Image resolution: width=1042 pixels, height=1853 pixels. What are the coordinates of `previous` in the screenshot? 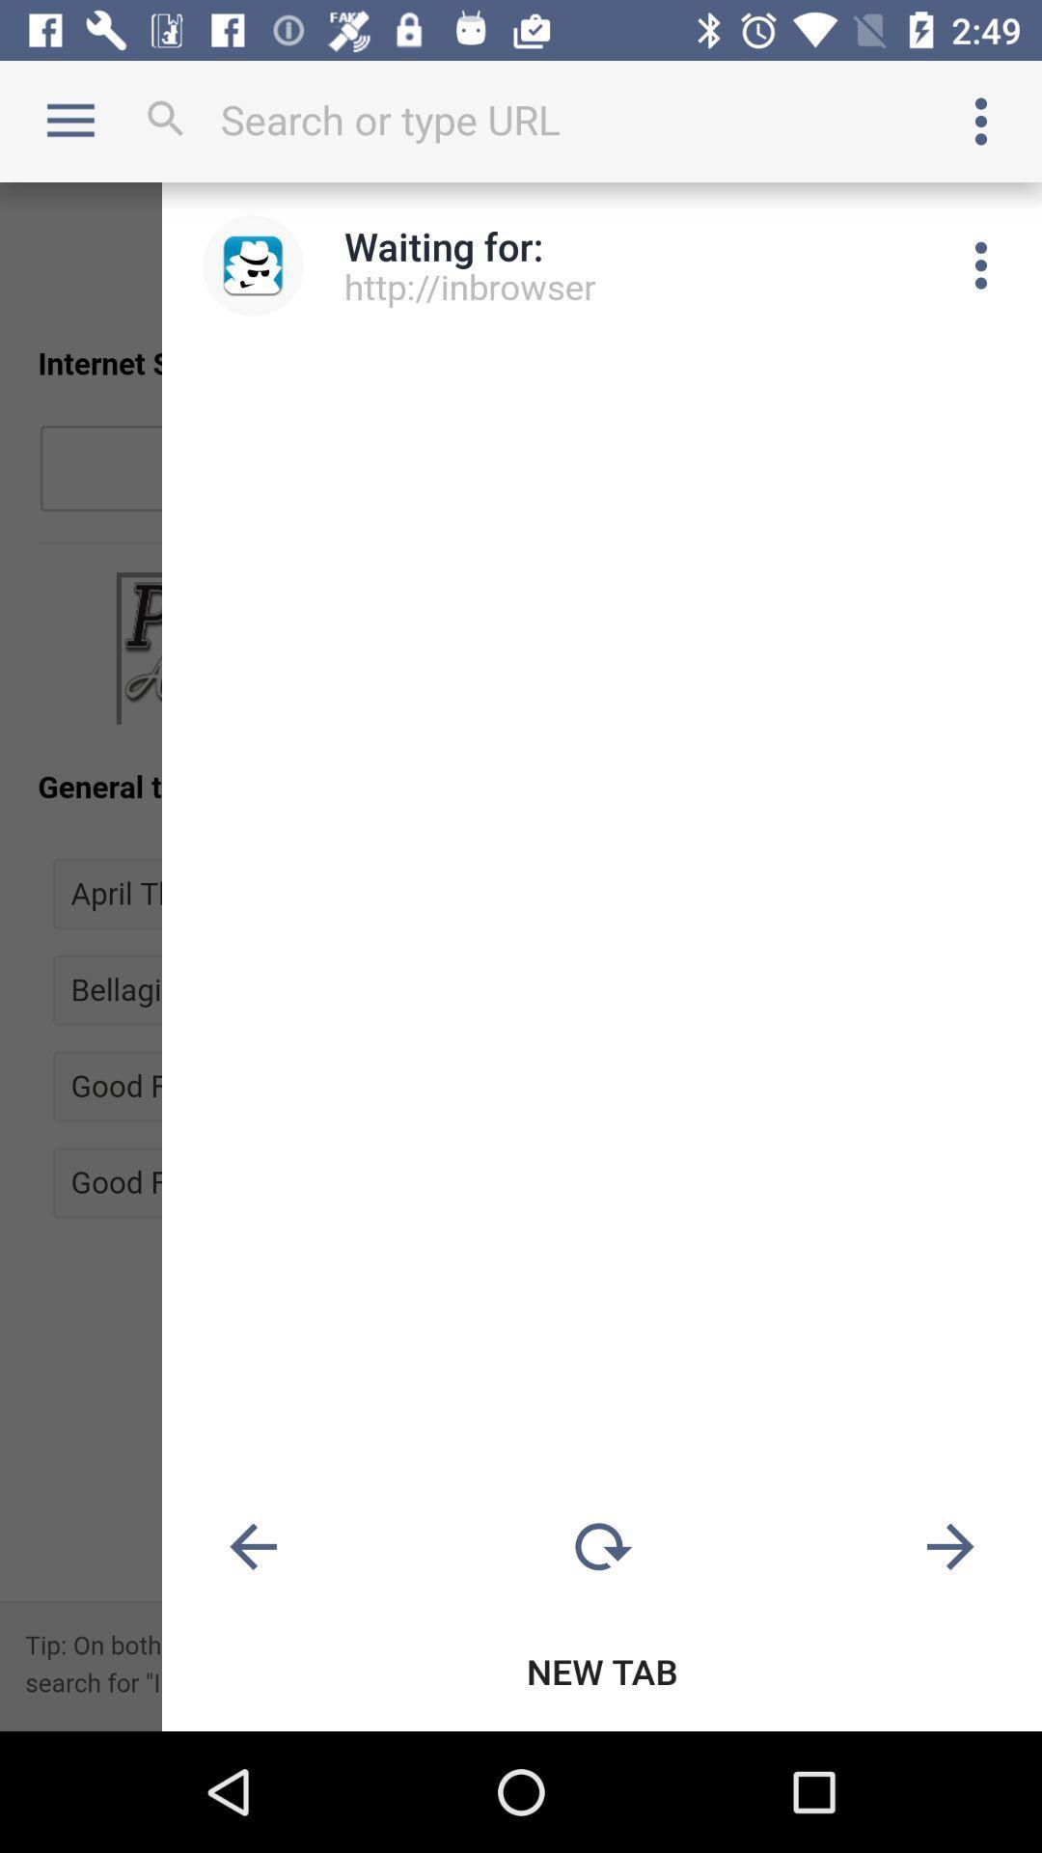 It's located at (252, 1547).